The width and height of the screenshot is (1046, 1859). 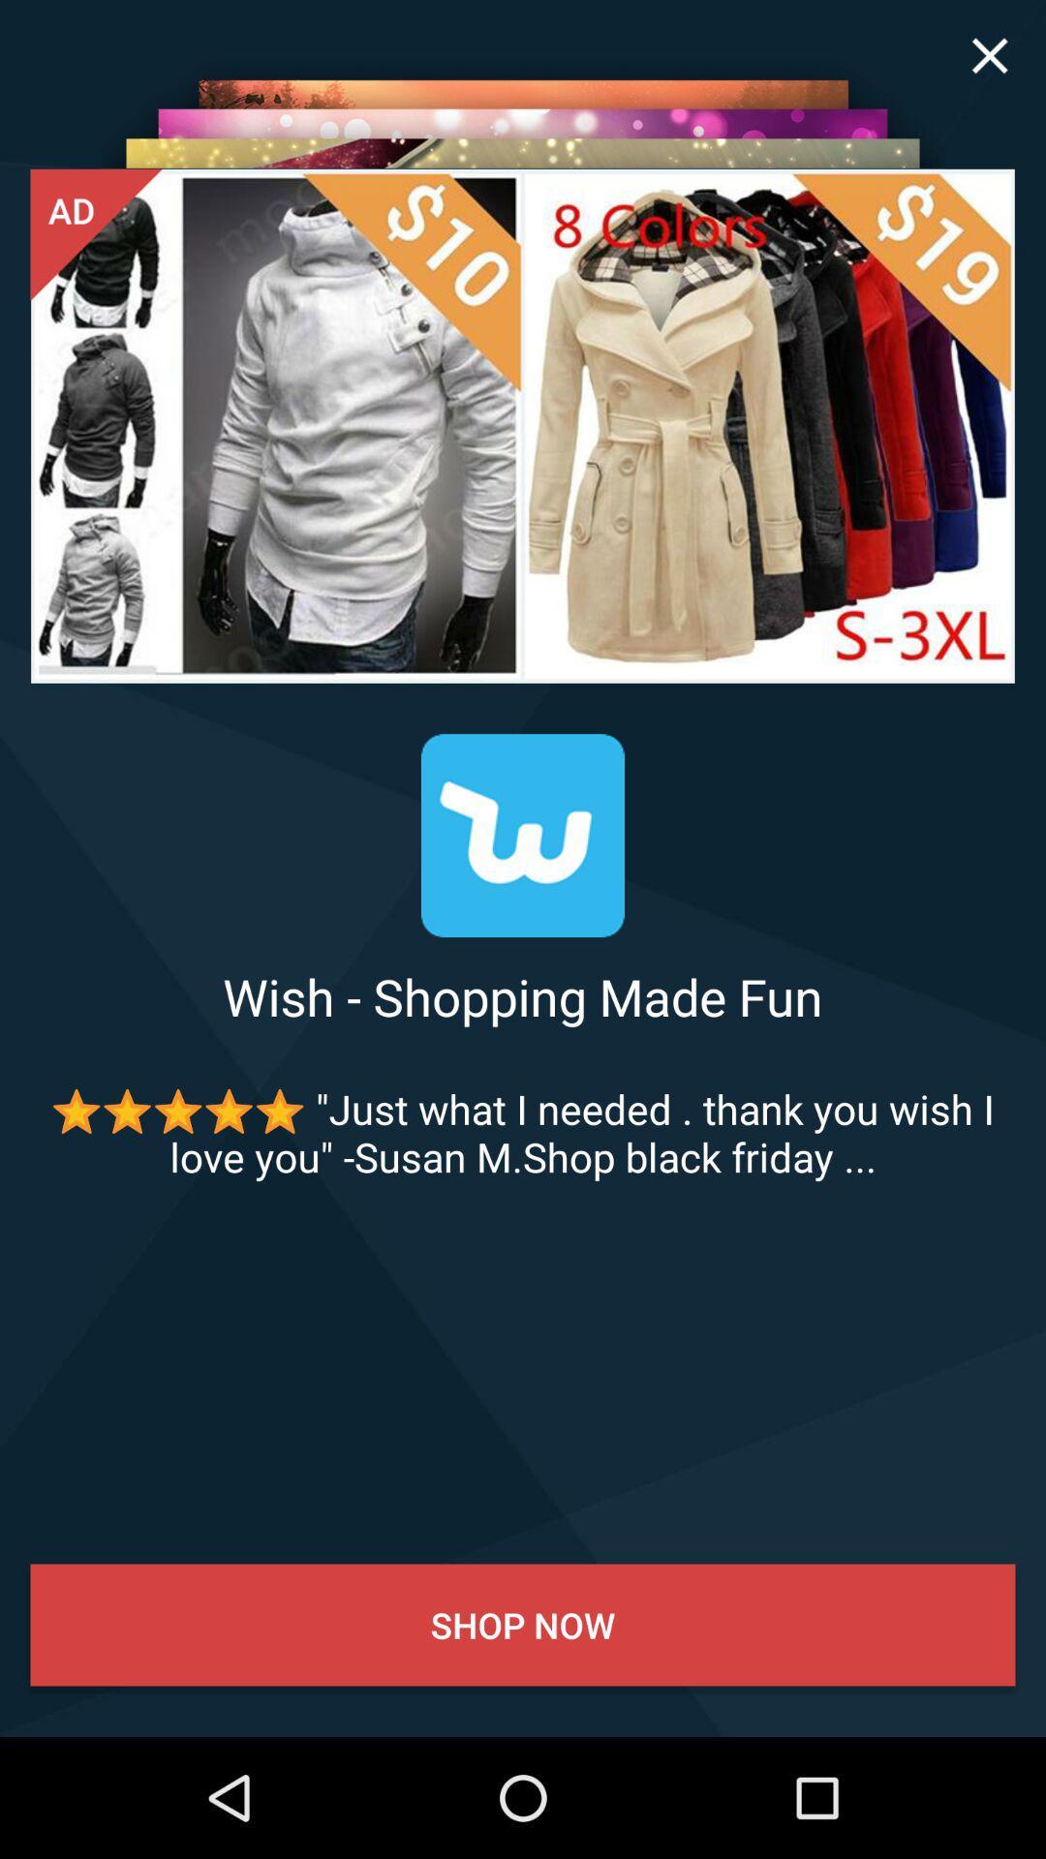 What do you see at coordinates (990, 55) in the screenshot?
I see `icon at the top right corner` at bounding box center [990, 55].